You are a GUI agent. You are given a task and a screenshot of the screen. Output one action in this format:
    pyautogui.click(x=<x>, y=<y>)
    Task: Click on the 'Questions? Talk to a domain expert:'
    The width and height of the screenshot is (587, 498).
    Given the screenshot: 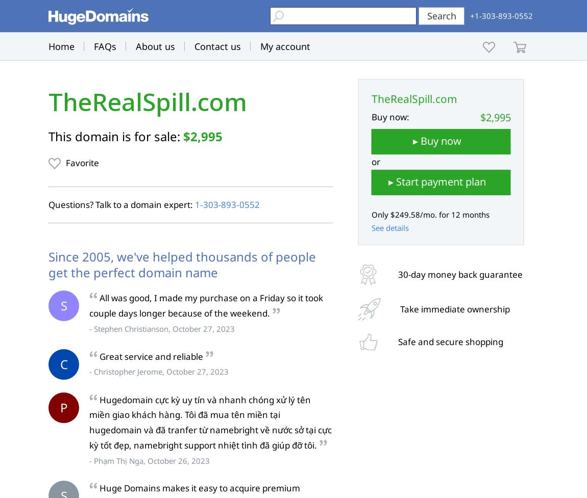 What is the action you would take?
    pyautogui.click(x=121, y=204)
    